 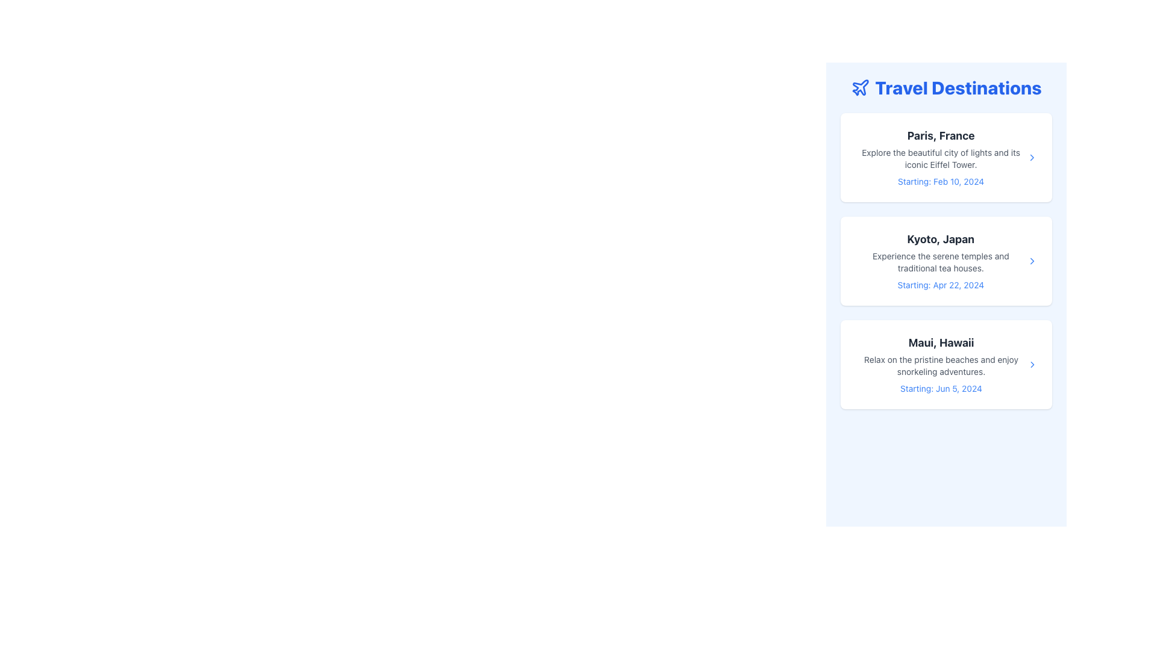 I want to click on the right-pointing chevron icon in the second travel destination card labeled 'Kyoto, Japan', so click(x=1031, y=261).